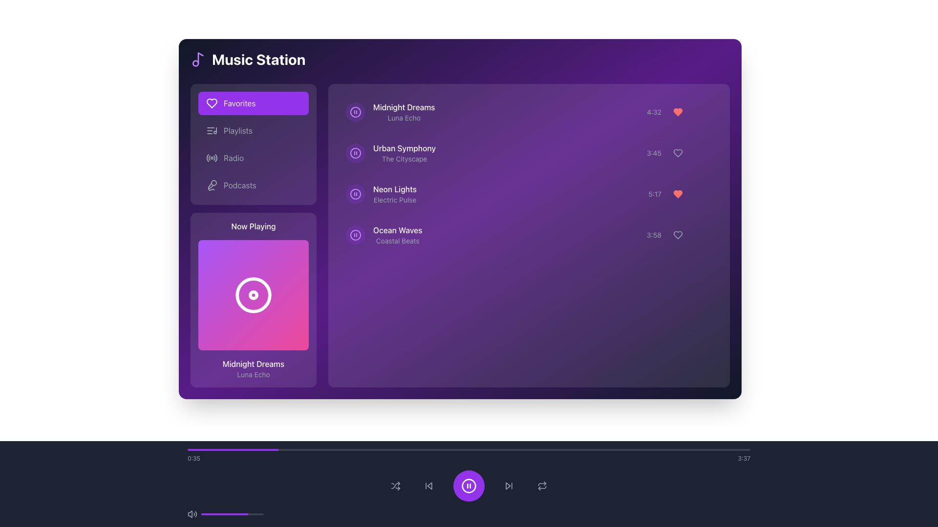  Describe the element at coordinates (390, 112) in the screenshot. I see `the List item displaying 'Midnight Dreams' with the play/pause icon` at that location.